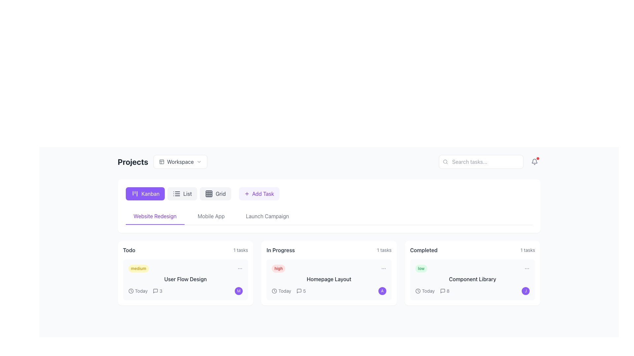  I want to click on the numeral '3' in gray color located in the 'Todo' card of the 'Website Redesign' Kanban board, so click(161, 291).